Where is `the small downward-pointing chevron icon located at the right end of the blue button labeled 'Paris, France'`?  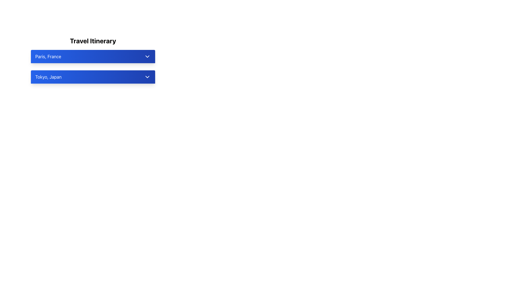
the small downward-pointing chevron icon located at the right end of the blue button labeled 'Paris, France' is located at coordinates (147, 56).